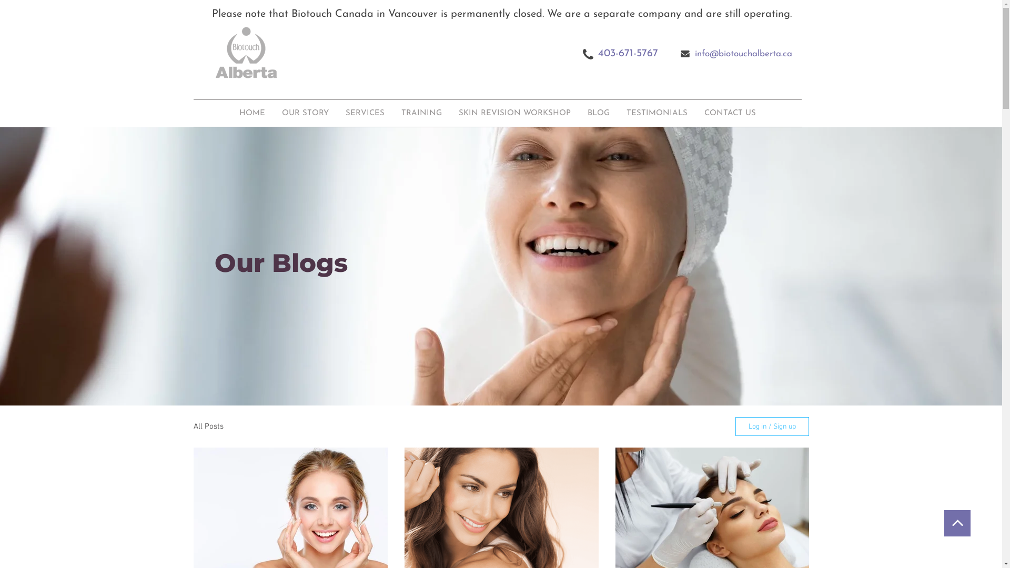 The image size is (1010, 568). What do you see at coordinates (729, 113) in the screenshot?
I see `'CONTACT US'` at bounding box center [729, 113].